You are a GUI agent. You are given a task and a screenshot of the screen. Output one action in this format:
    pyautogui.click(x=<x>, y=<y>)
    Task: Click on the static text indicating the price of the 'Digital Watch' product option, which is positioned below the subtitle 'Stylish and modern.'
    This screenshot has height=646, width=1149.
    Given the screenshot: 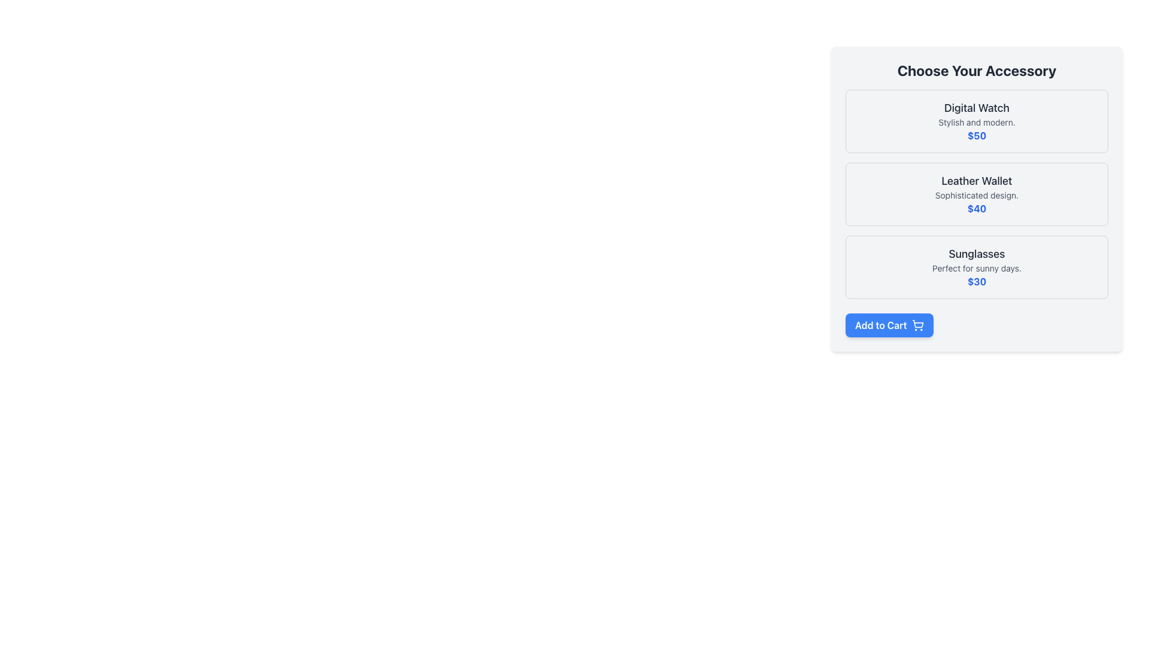 What is the action you would take?
    pyautogui.click(x=977, y=135)
    